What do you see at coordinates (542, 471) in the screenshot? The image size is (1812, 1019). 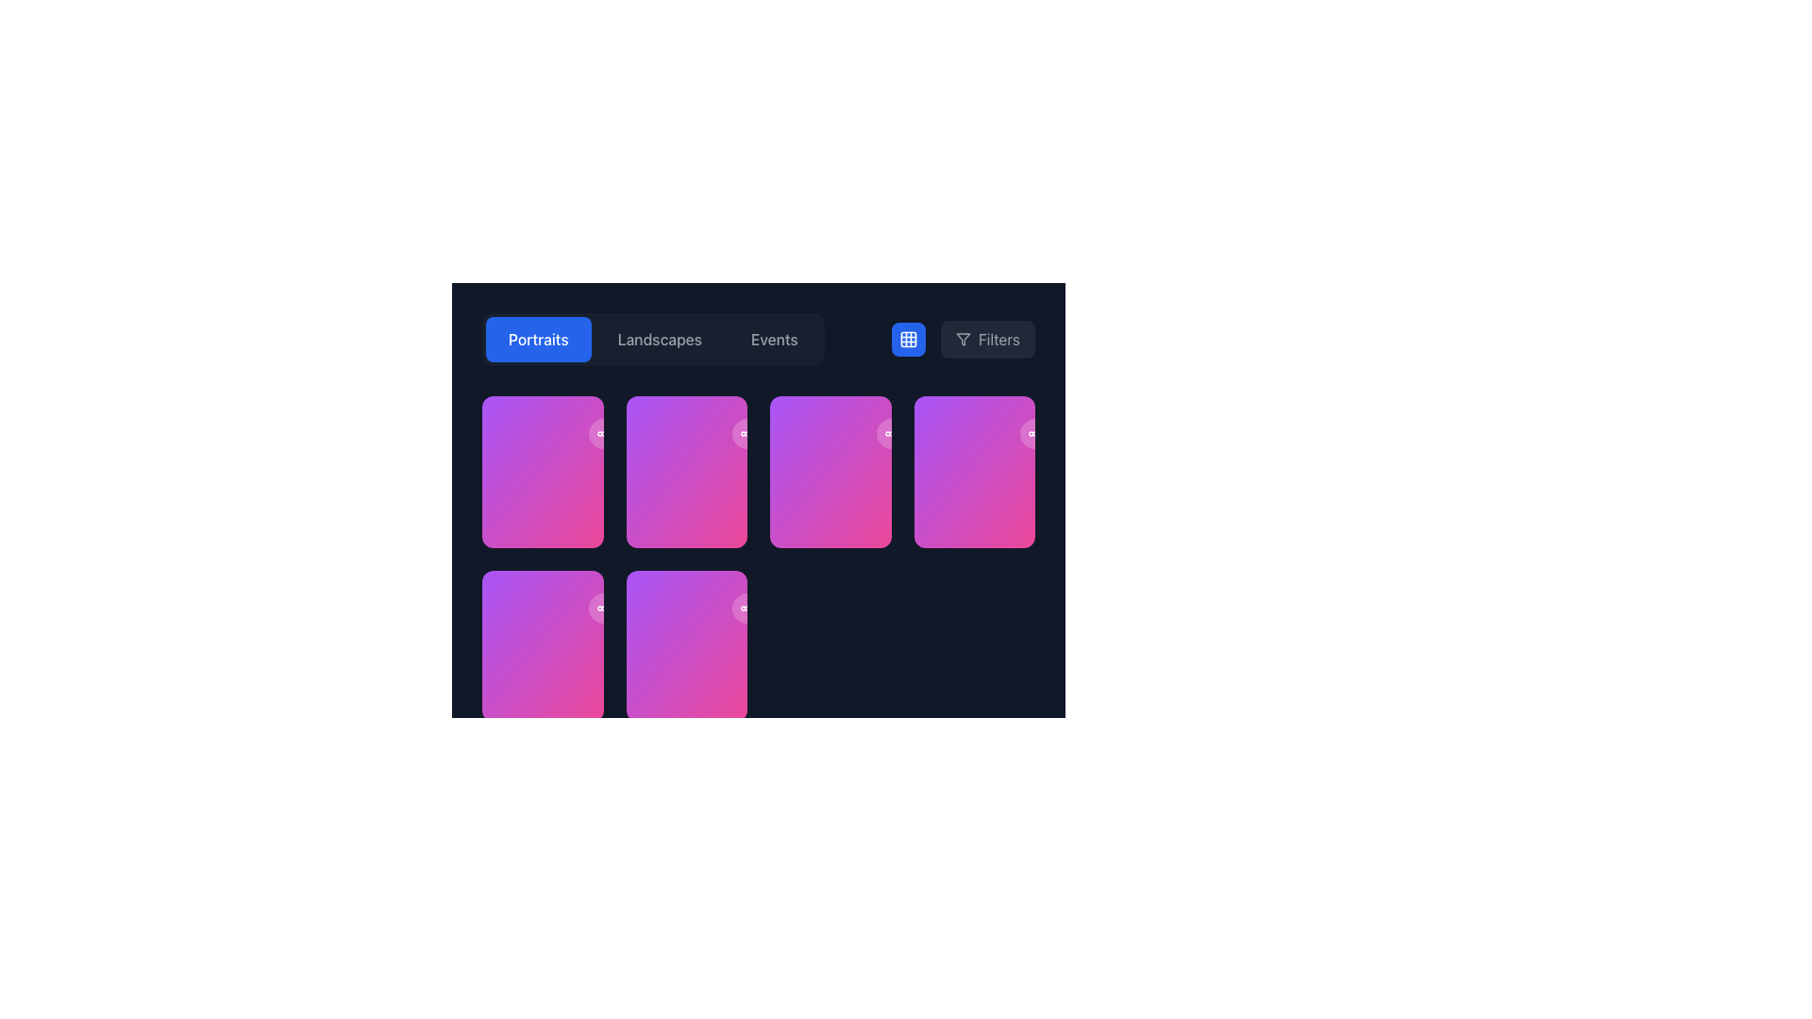 I see `the Interactive Card with a gradient background transitioning from purple to pink, located in the first row and first column of the grid layout` at bounding box center [542, 471].